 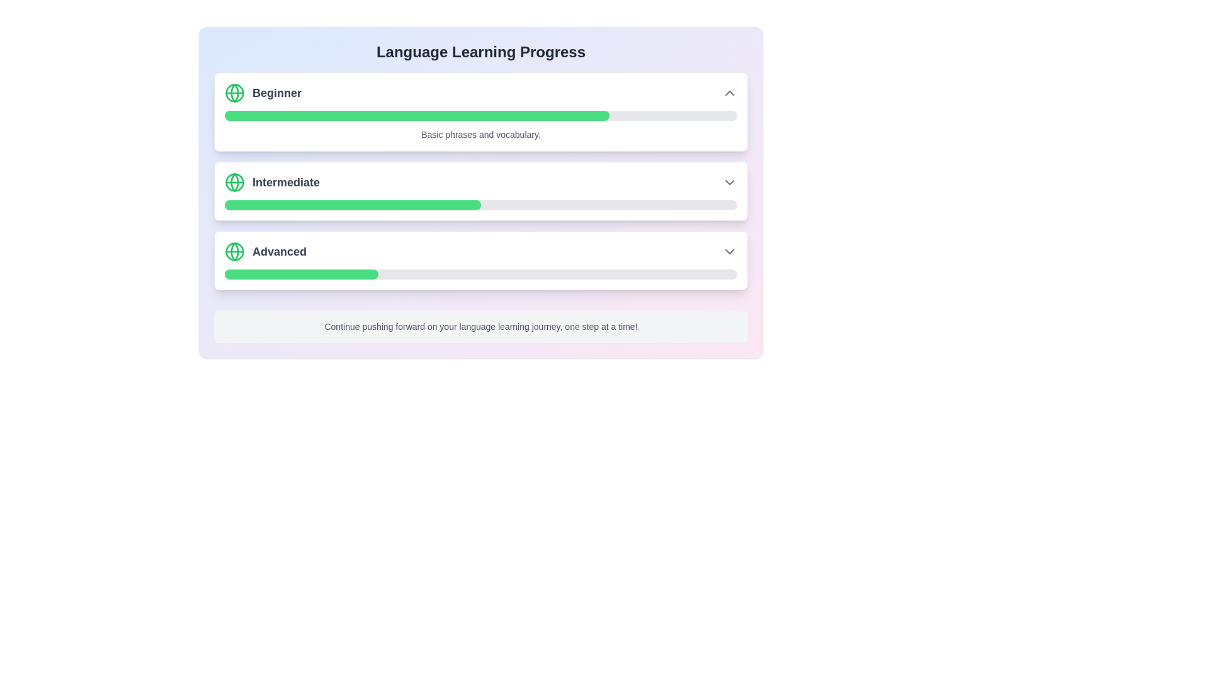 What do you see at coordinates (235, 92) in the screenshot?
I see `the green-colored globe icon located to the left of the text 'Beginner' in the topmost section of a list of three items` at bounding box center [235, 92].